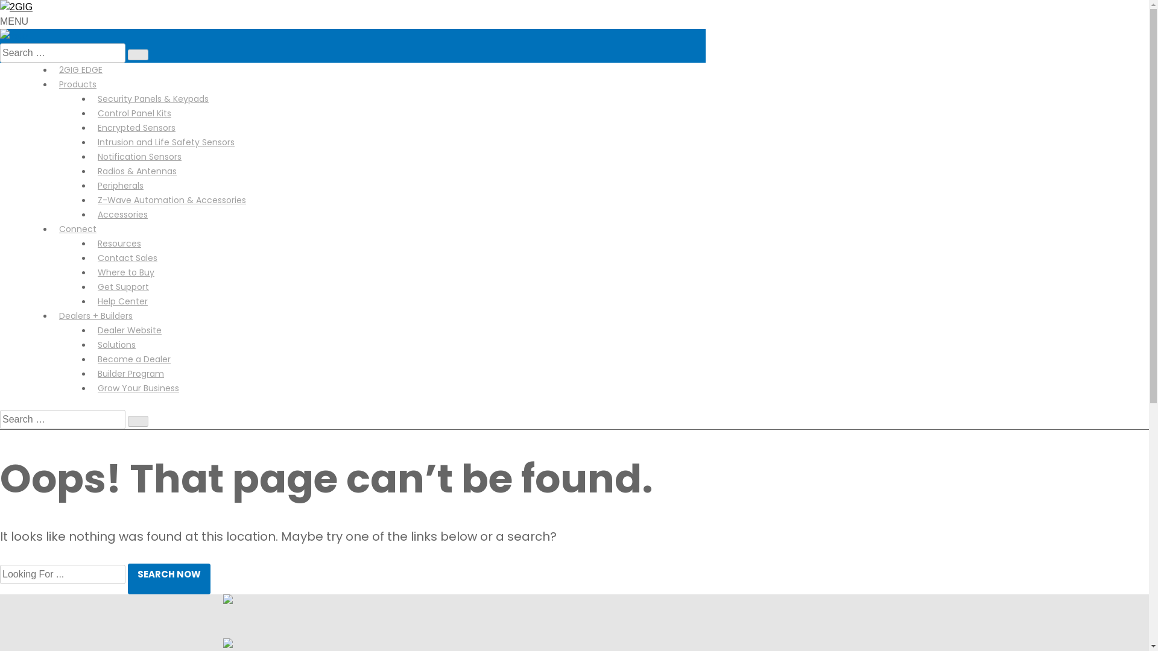  What do you see at coordinates (16, 7) in the screenshot?
I see `'2GIG'` at bounding box center [16, 7].